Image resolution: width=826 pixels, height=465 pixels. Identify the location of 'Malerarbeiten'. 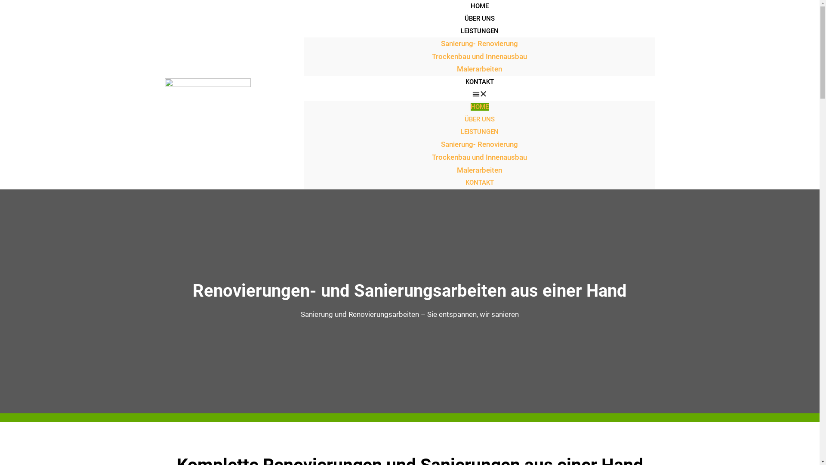
(456, 68).